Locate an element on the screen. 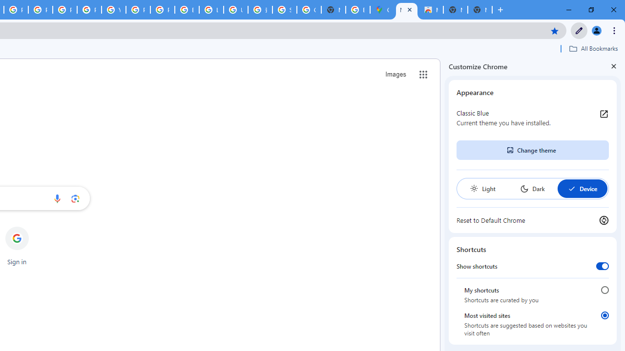 The image size is (625, 351). 'Search by voice' is located at coordinates (57, 198).